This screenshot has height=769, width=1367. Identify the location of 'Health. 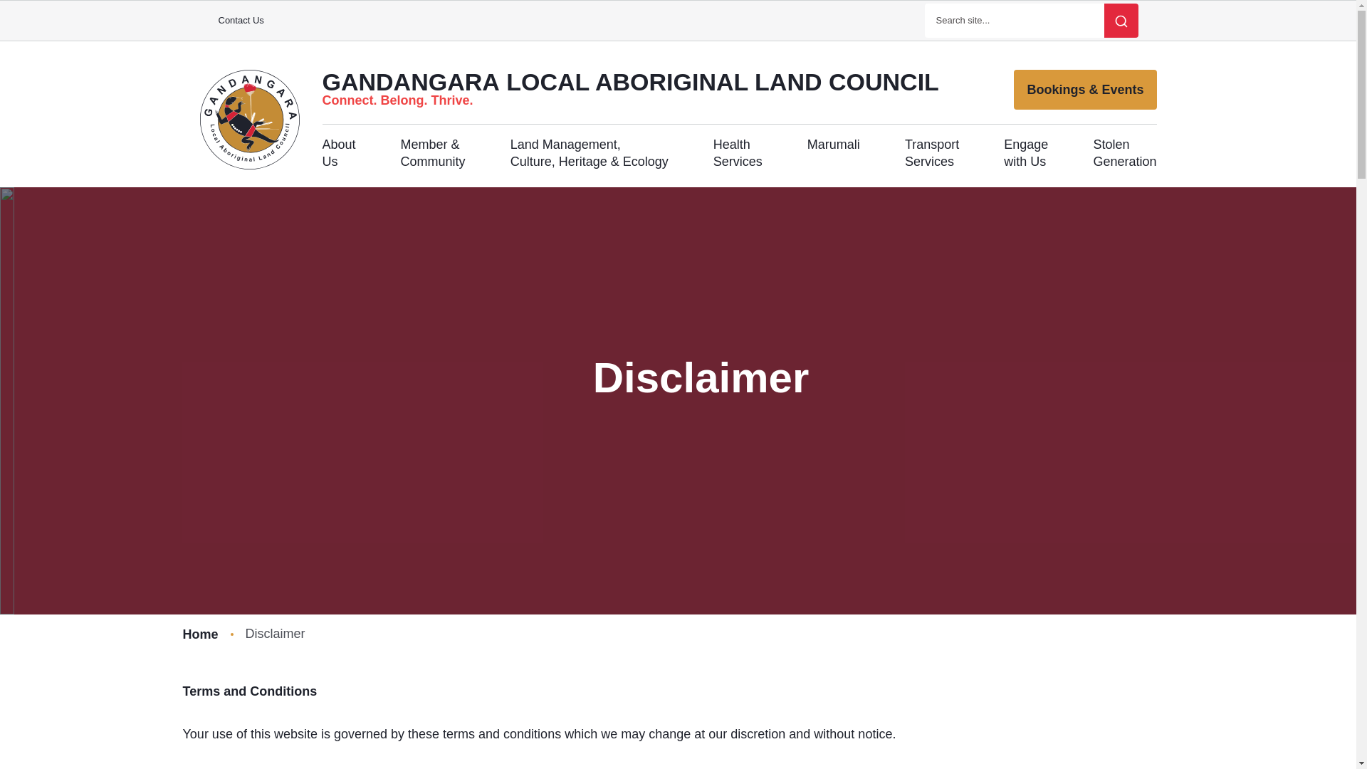
(738, 153).